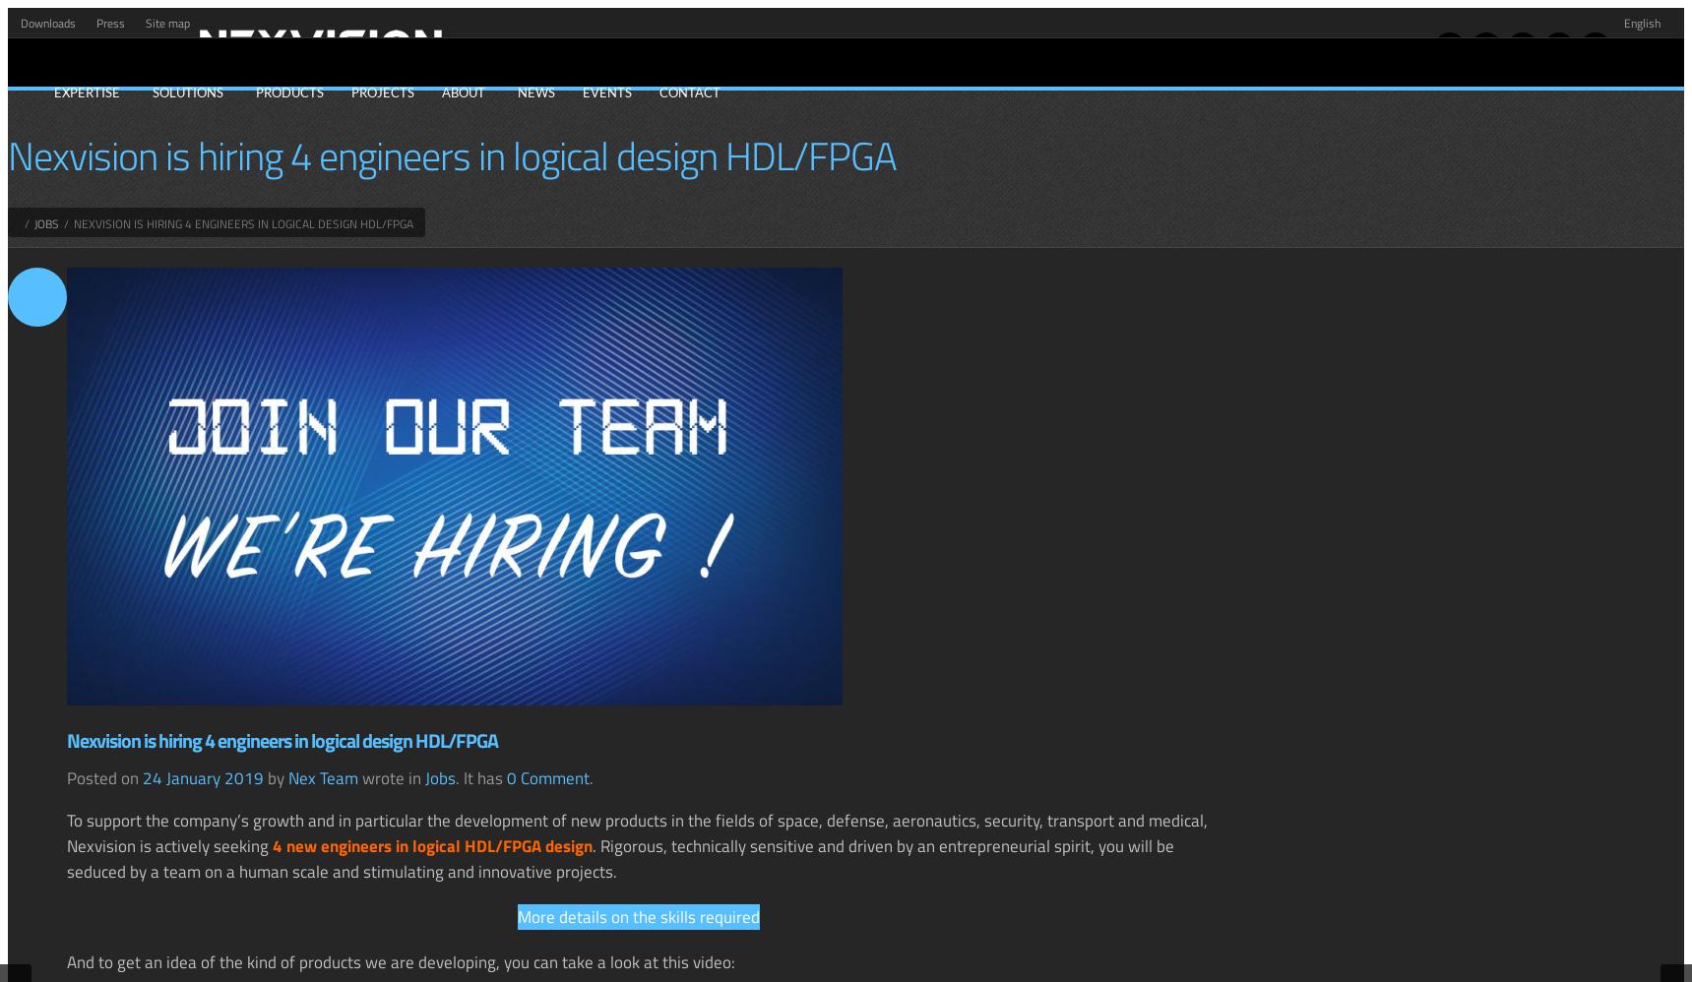 This screenshot has width=1692, height=982. What do you see at coordinates (637, 916) in the screenshot?
I see `'More details on the skills required'` at bounding box center [637, 916].